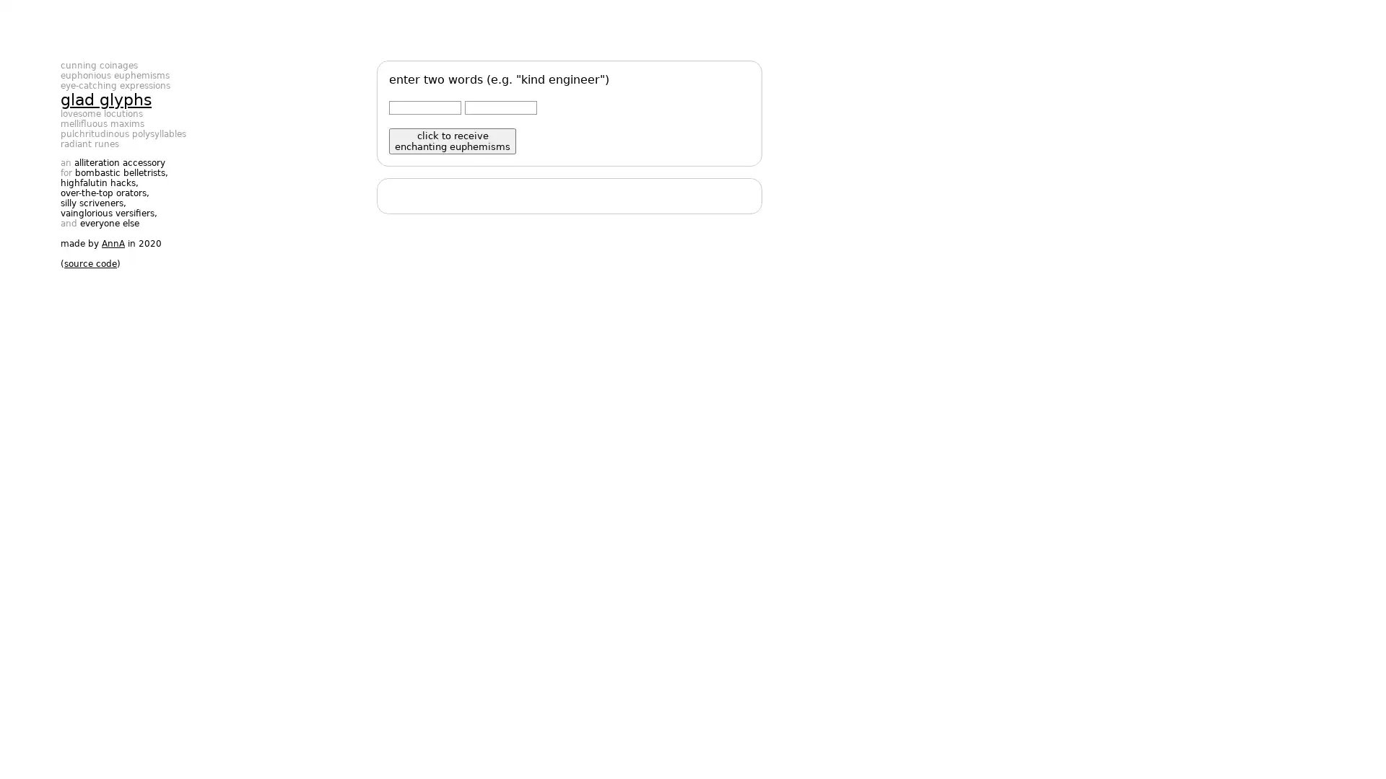 The width and height of the screenshot is (1386, 779). I want to click on click to receive enchanting euphemisms, so click(452, 141).